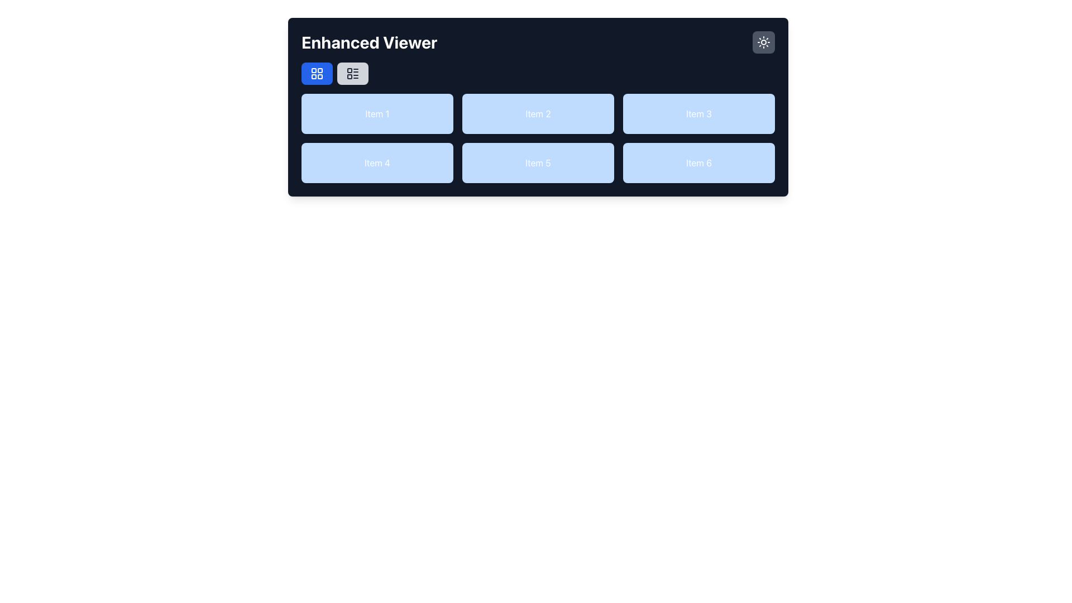 Image resolution: width=1072 pixels, height=603 pixels. I want to click on the first static label in the top-left corner of the Enhanced Viewer grid layout, so click(377, 114).